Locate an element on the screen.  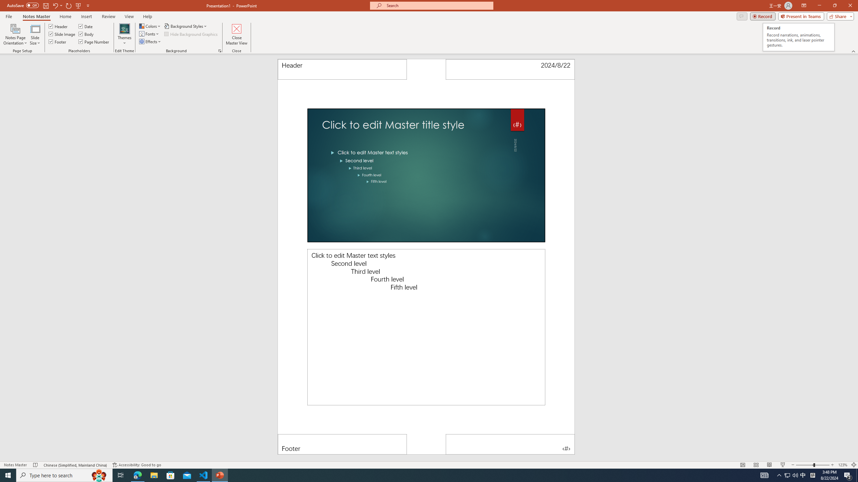
'Page Number' is located at coordinates (94, 41).